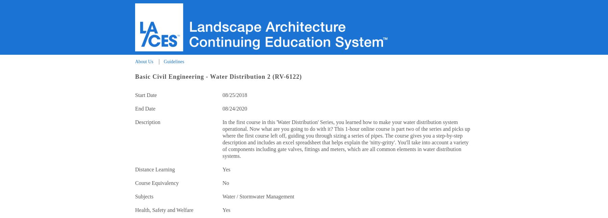 Image resolution: width=608 pixels, height=218 pixels. Describe the element at coordinates (144, 196) in the screenshot. I see `'Subjects'` at that location.